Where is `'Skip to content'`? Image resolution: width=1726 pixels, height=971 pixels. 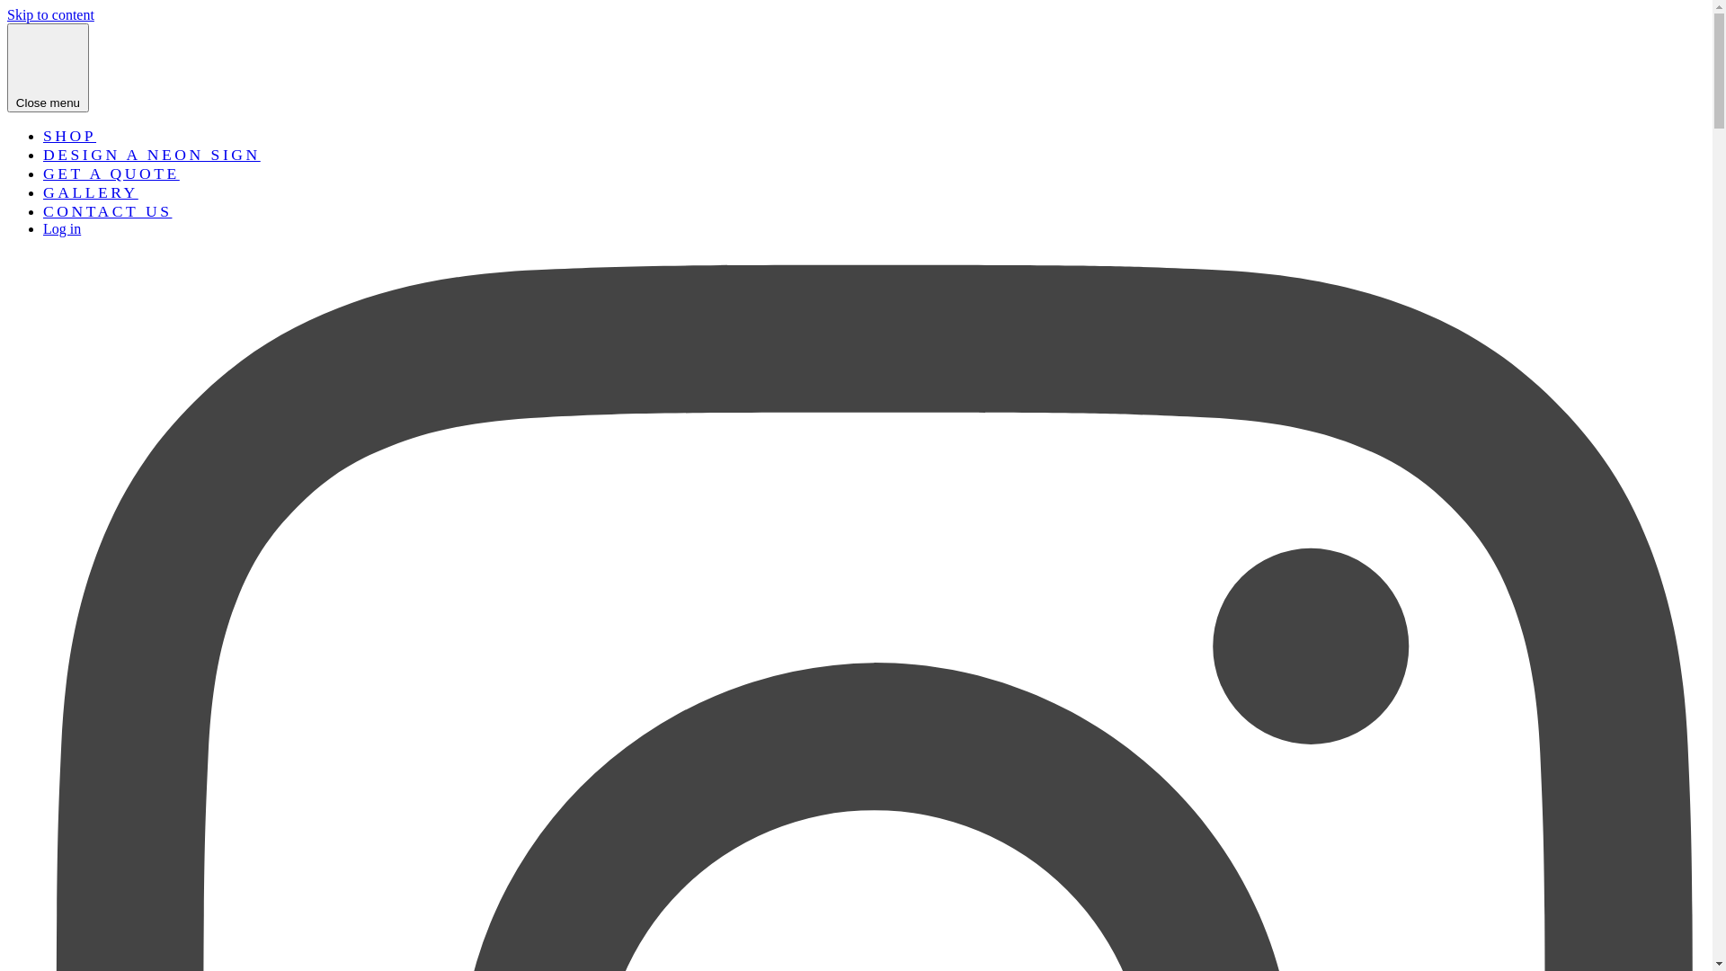 'Skip to content' is located at coordinates (50, 14).